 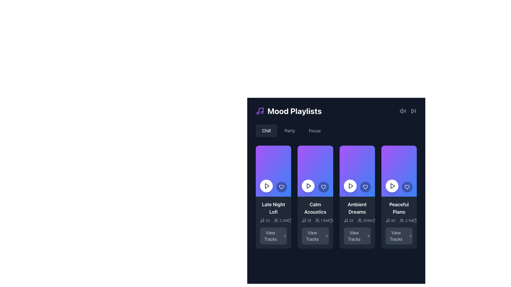 What do you see at coordinates (357, 235) in the screenshot?
I see `the 'View Tracks' button located at the bottom of the 'Ambient Dreams' playlist card` at bounding box center [357, 235].